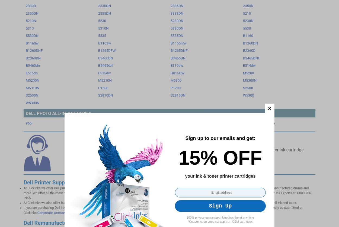  I want to click on 'Limited Warranty', so click(115, 27).